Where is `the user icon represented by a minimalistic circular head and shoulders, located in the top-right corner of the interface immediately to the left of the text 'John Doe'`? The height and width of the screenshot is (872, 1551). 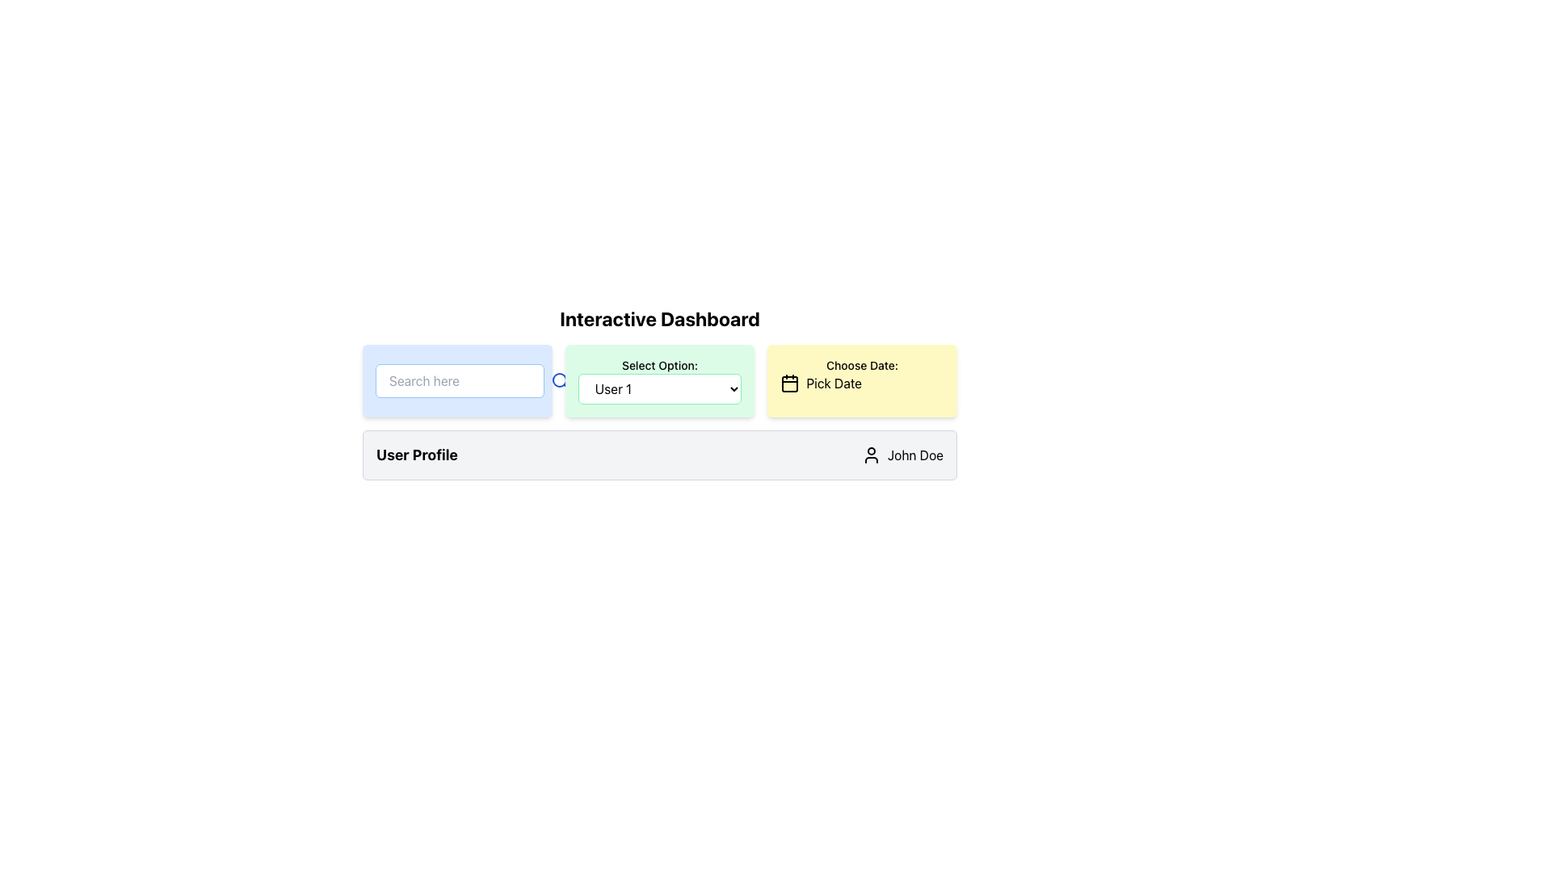 the user icon represented by a minimalistic circular head and shoulders, located in the top-right corner of the interface immediately to the left of the text 'John Doe' is located at coordinates (871, 455).